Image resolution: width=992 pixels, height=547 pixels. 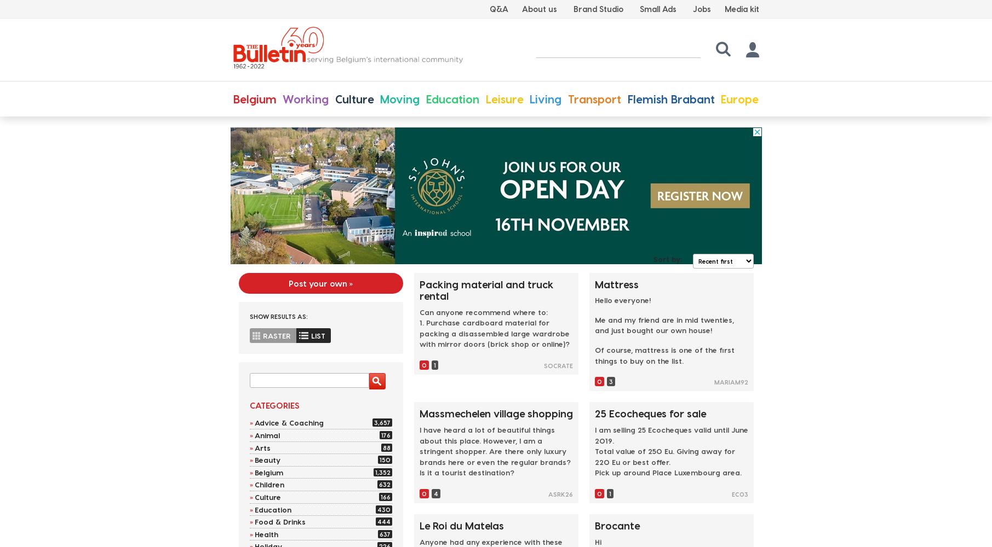 What do you see at coordinates (538, 9) in the screenshot?
I see `'About us'` at bounding box center [538, 9].